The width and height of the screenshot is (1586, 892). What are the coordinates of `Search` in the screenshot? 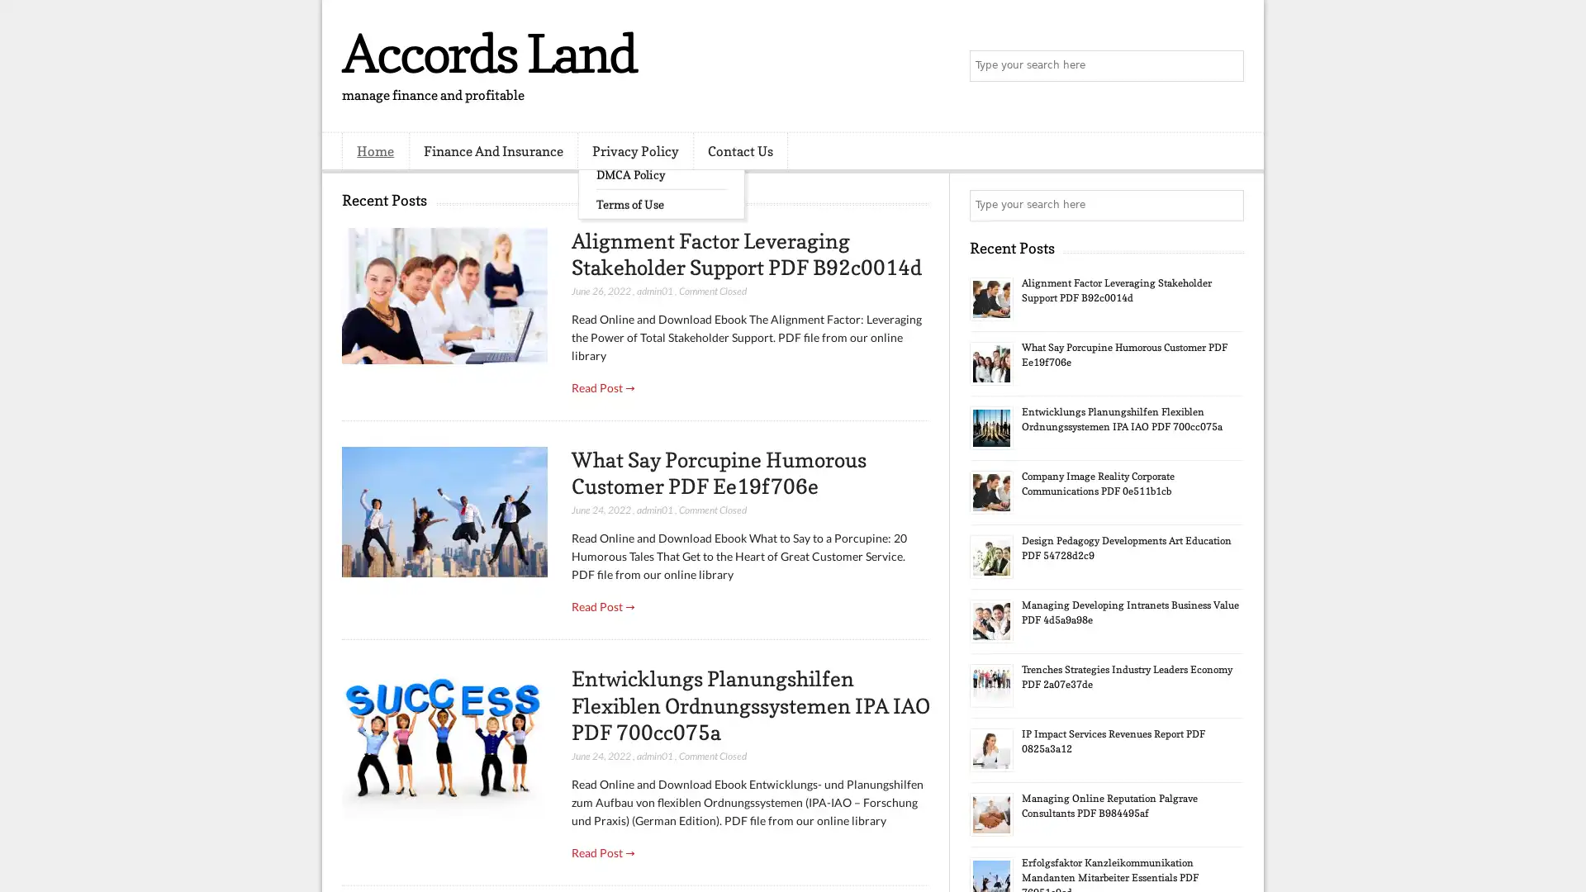 It's located at (1227, 66).